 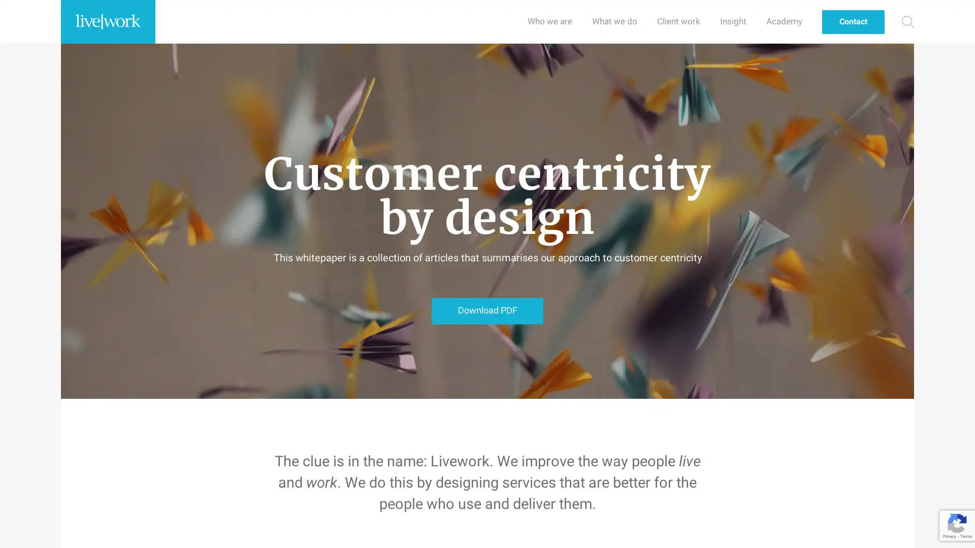 I want to click on Search, so click(x=908, y=21).